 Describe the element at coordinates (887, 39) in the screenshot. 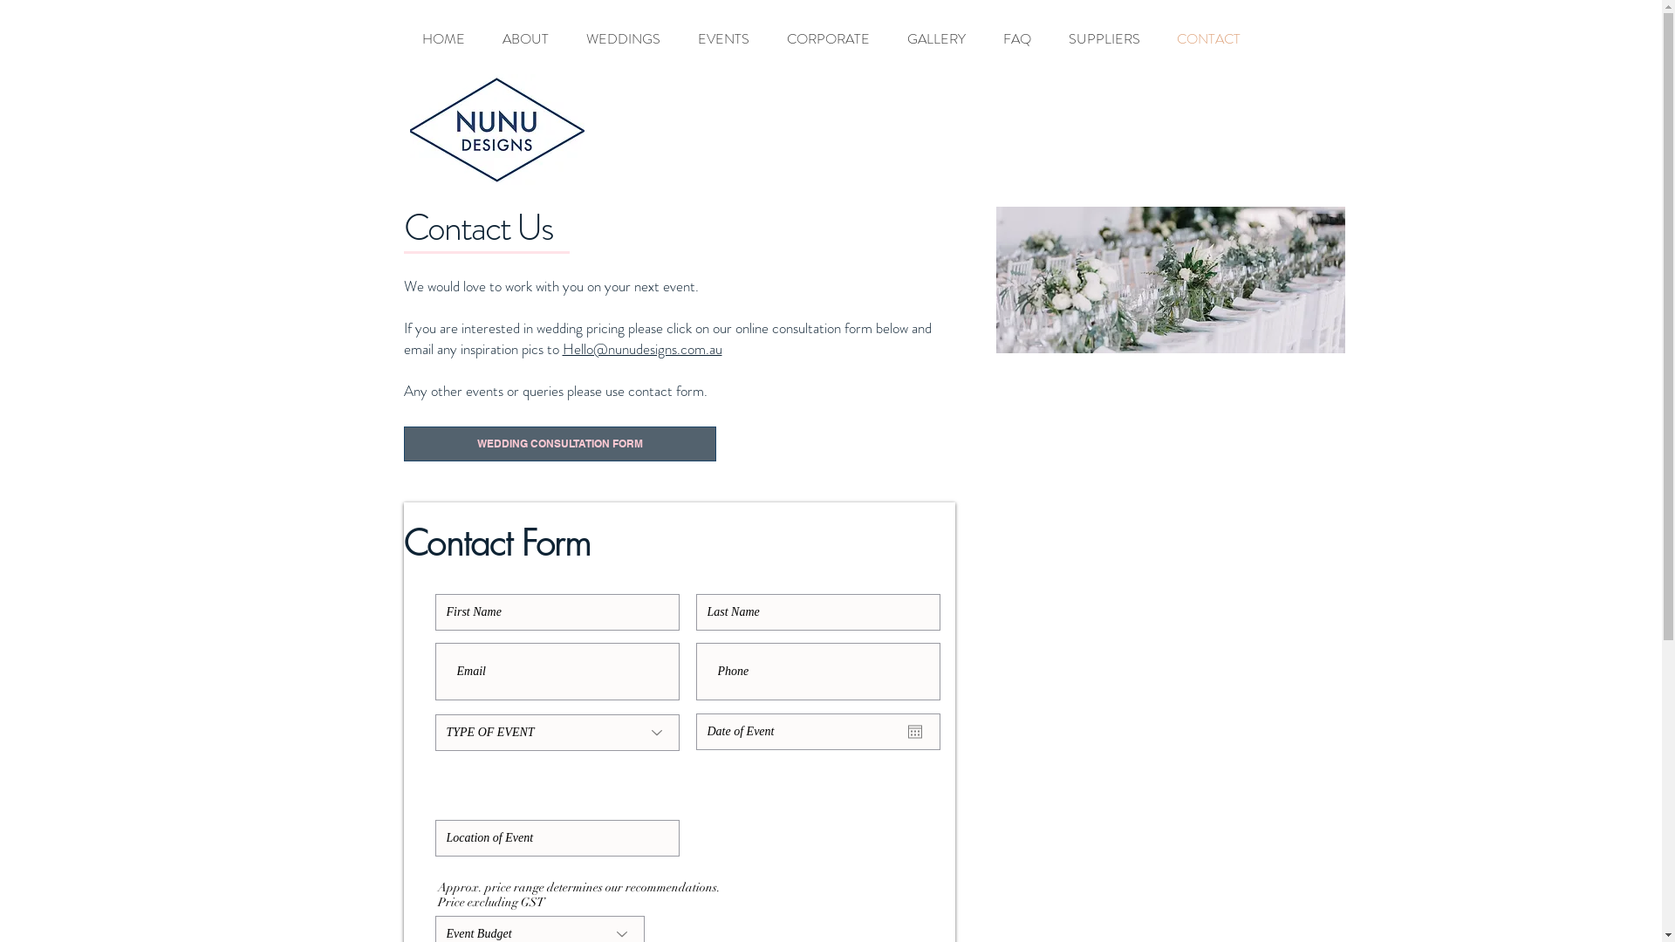

I see `'GALLERY'` at that location.